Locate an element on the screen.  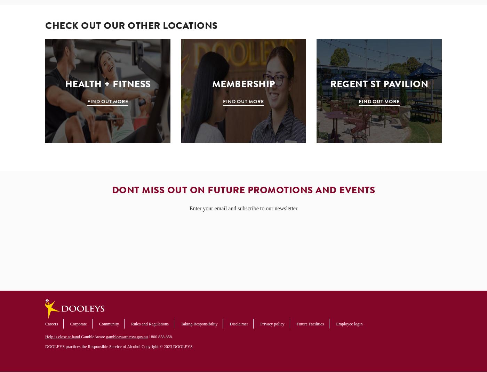
'Careers' is located at coordinates (45, 323).